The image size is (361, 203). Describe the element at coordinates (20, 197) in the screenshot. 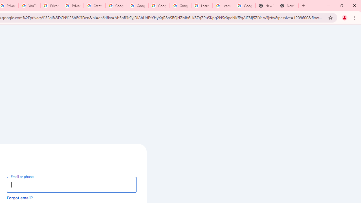

I see `'Forgot email?'` at that location.